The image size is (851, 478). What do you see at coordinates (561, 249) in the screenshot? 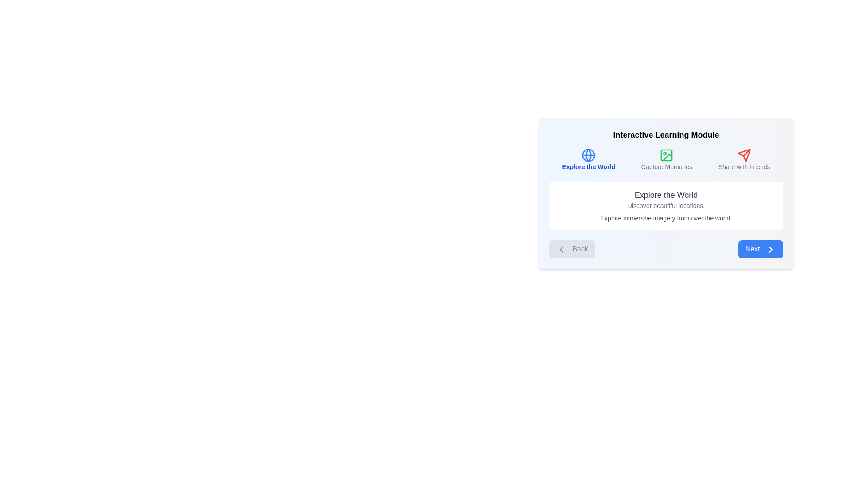
I see `the 'Back' button which features a chevron icon on its left side, indicating a backward navigation action` at bounding box center [561, 249].